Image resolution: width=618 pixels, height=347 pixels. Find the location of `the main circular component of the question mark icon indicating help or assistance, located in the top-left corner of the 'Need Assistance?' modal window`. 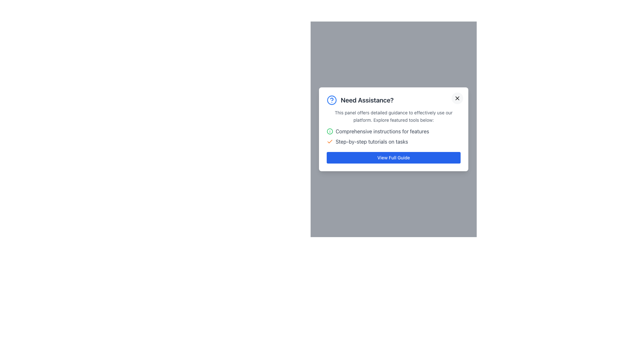

the main circular component of the question mark icon indicating help or assistance, located in the top-left corner of the 'Need Assistance?' modal window is located at coordinates (332, 100).